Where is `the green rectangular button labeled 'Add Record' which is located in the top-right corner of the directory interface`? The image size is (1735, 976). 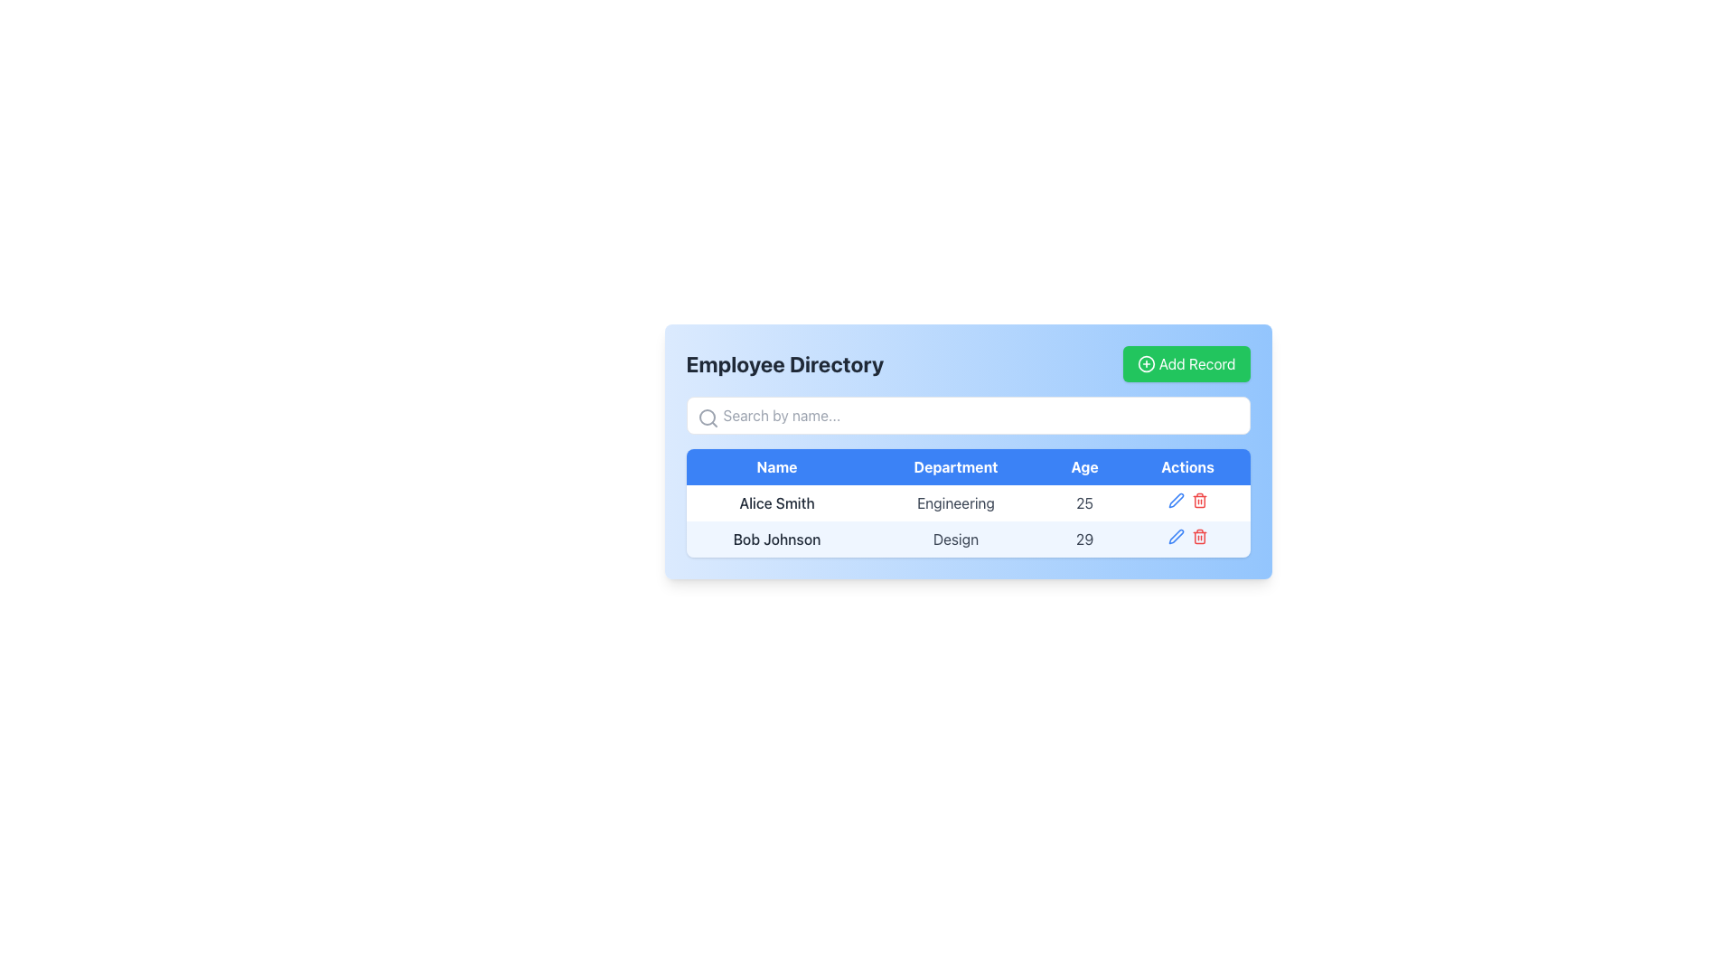
the green rectangular button labeled 'Add Record' which is located in the top-right corner of the directory interface is located at coordinates (1145, 363).